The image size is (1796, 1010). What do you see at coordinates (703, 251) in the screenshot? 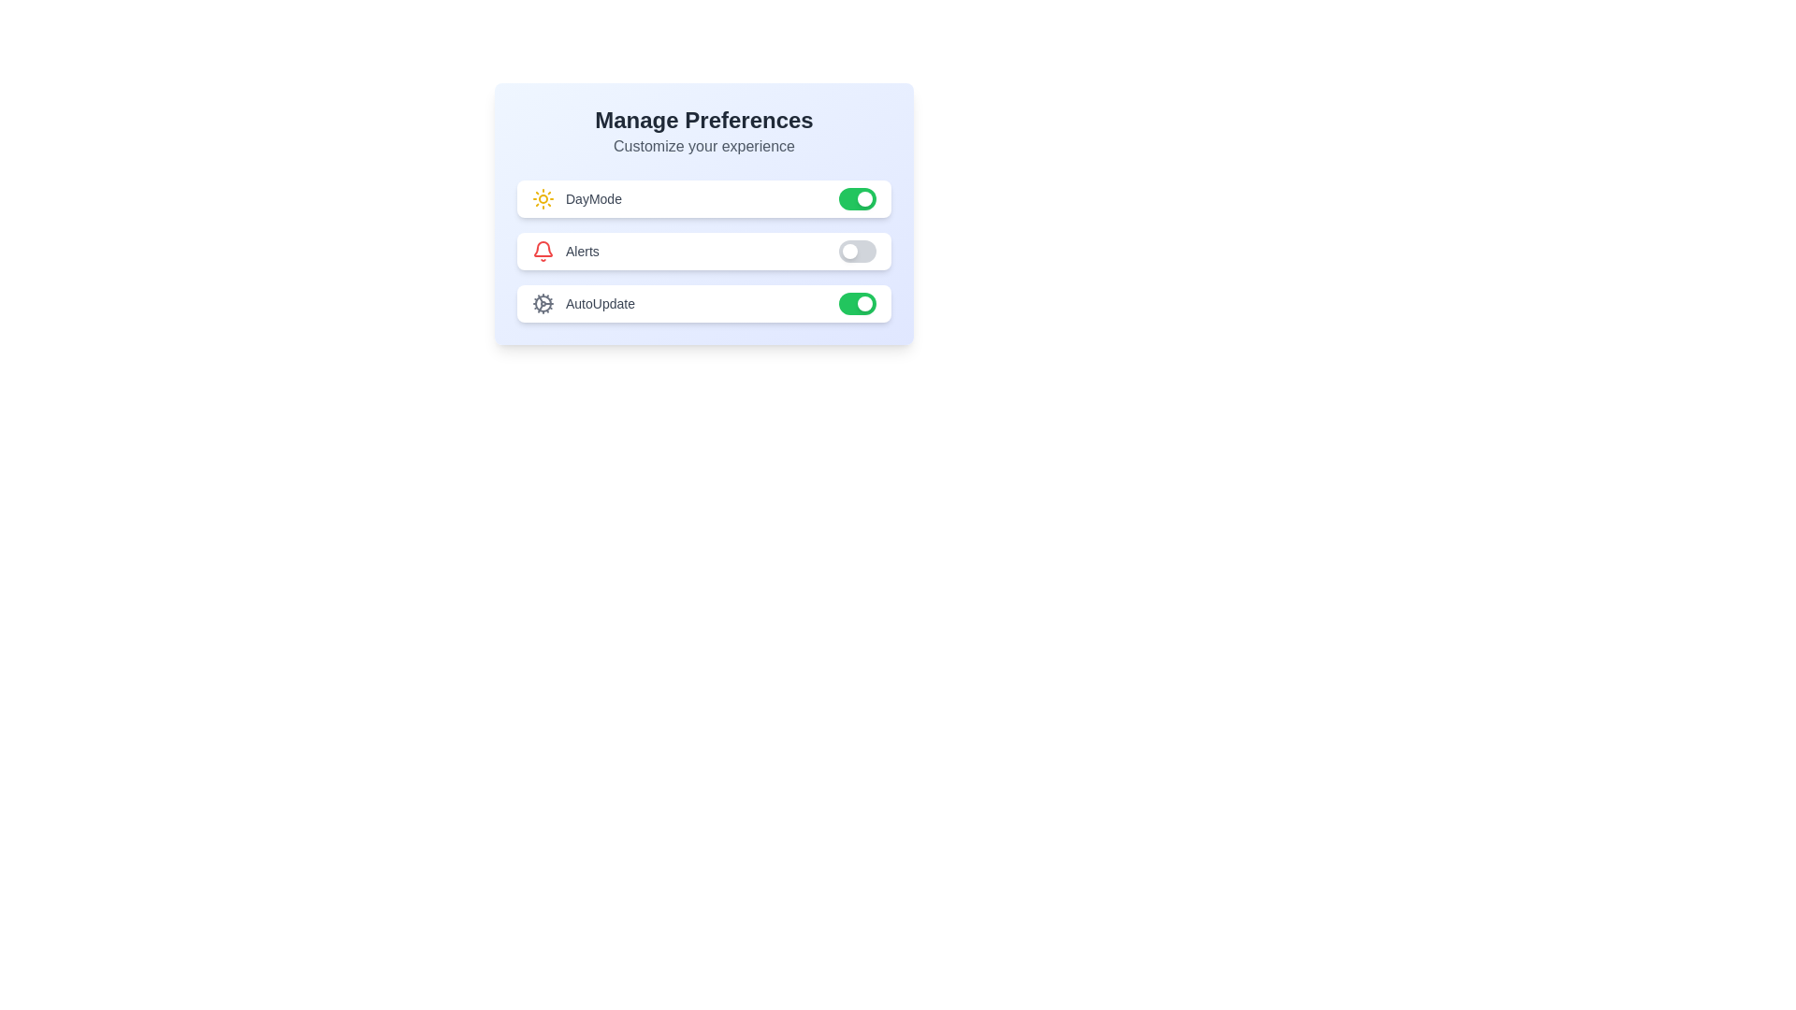
I see `the 'alerts' toggle switch, which is the second item` at bounding box center [703, 251].